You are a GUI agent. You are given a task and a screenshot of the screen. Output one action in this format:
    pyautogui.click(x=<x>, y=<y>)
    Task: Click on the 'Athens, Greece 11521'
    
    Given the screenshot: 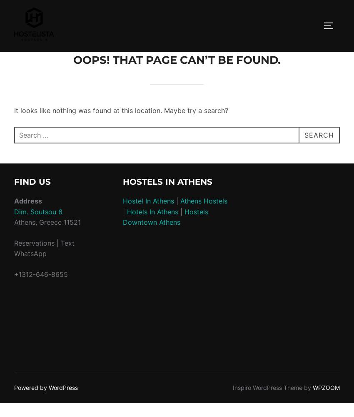 What is the action you would take?
    pyautogui.click(x=14, y=222)
    